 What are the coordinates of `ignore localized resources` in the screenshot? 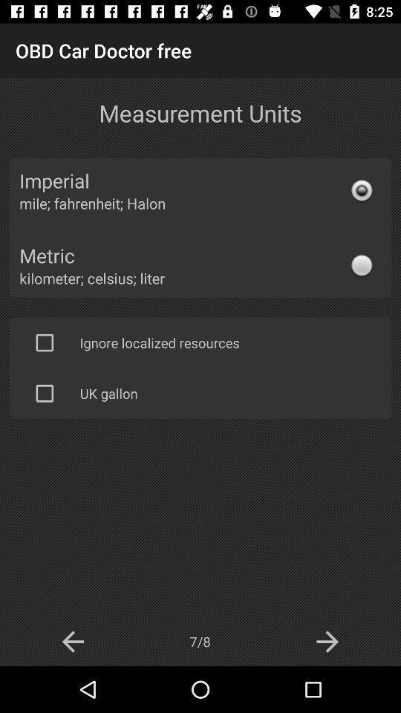 It's located at (45, 342).